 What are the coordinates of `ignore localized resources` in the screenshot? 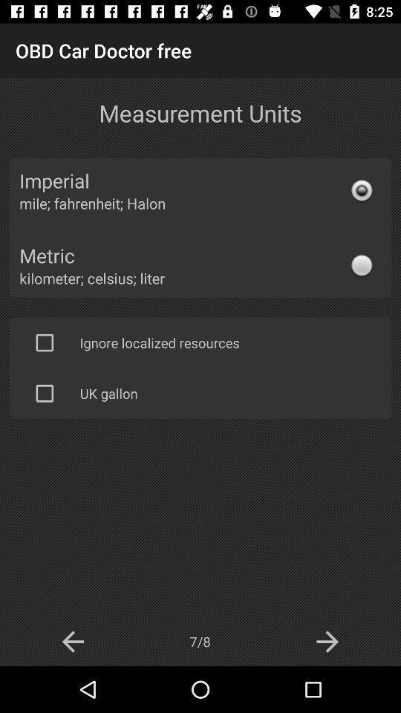 It's located at (45, 342).